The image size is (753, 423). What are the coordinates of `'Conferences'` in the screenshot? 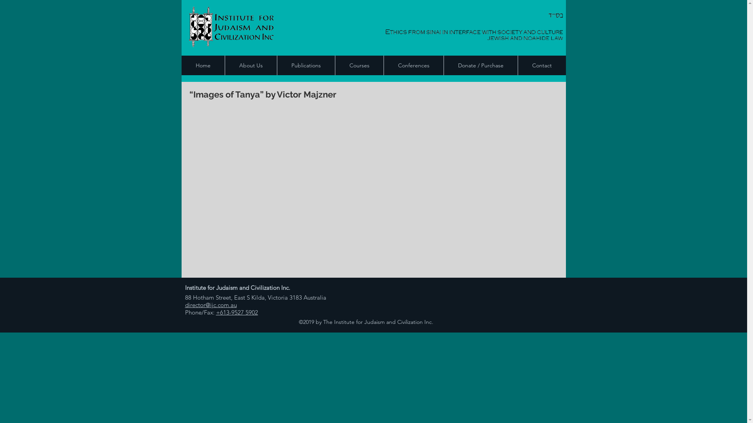 It's located at (413, 65).